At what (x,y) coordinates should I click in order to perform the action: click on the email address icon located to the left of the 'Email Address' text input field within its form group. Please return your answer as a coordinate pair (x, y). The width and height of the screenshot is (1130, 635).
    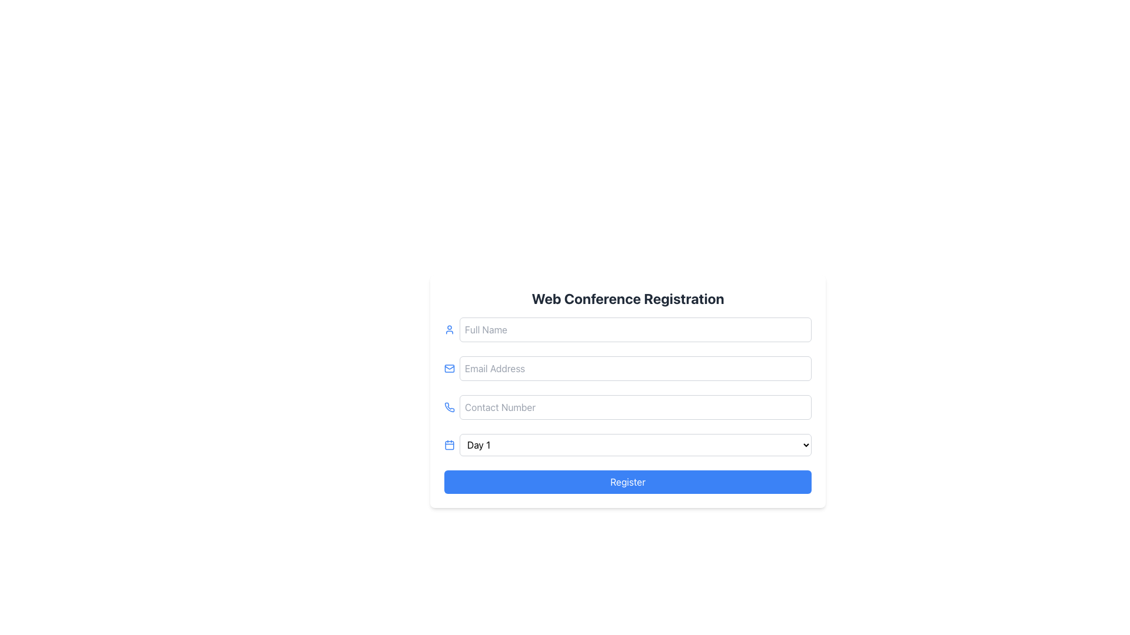
    Looking at the image, I should click on (448, 368).